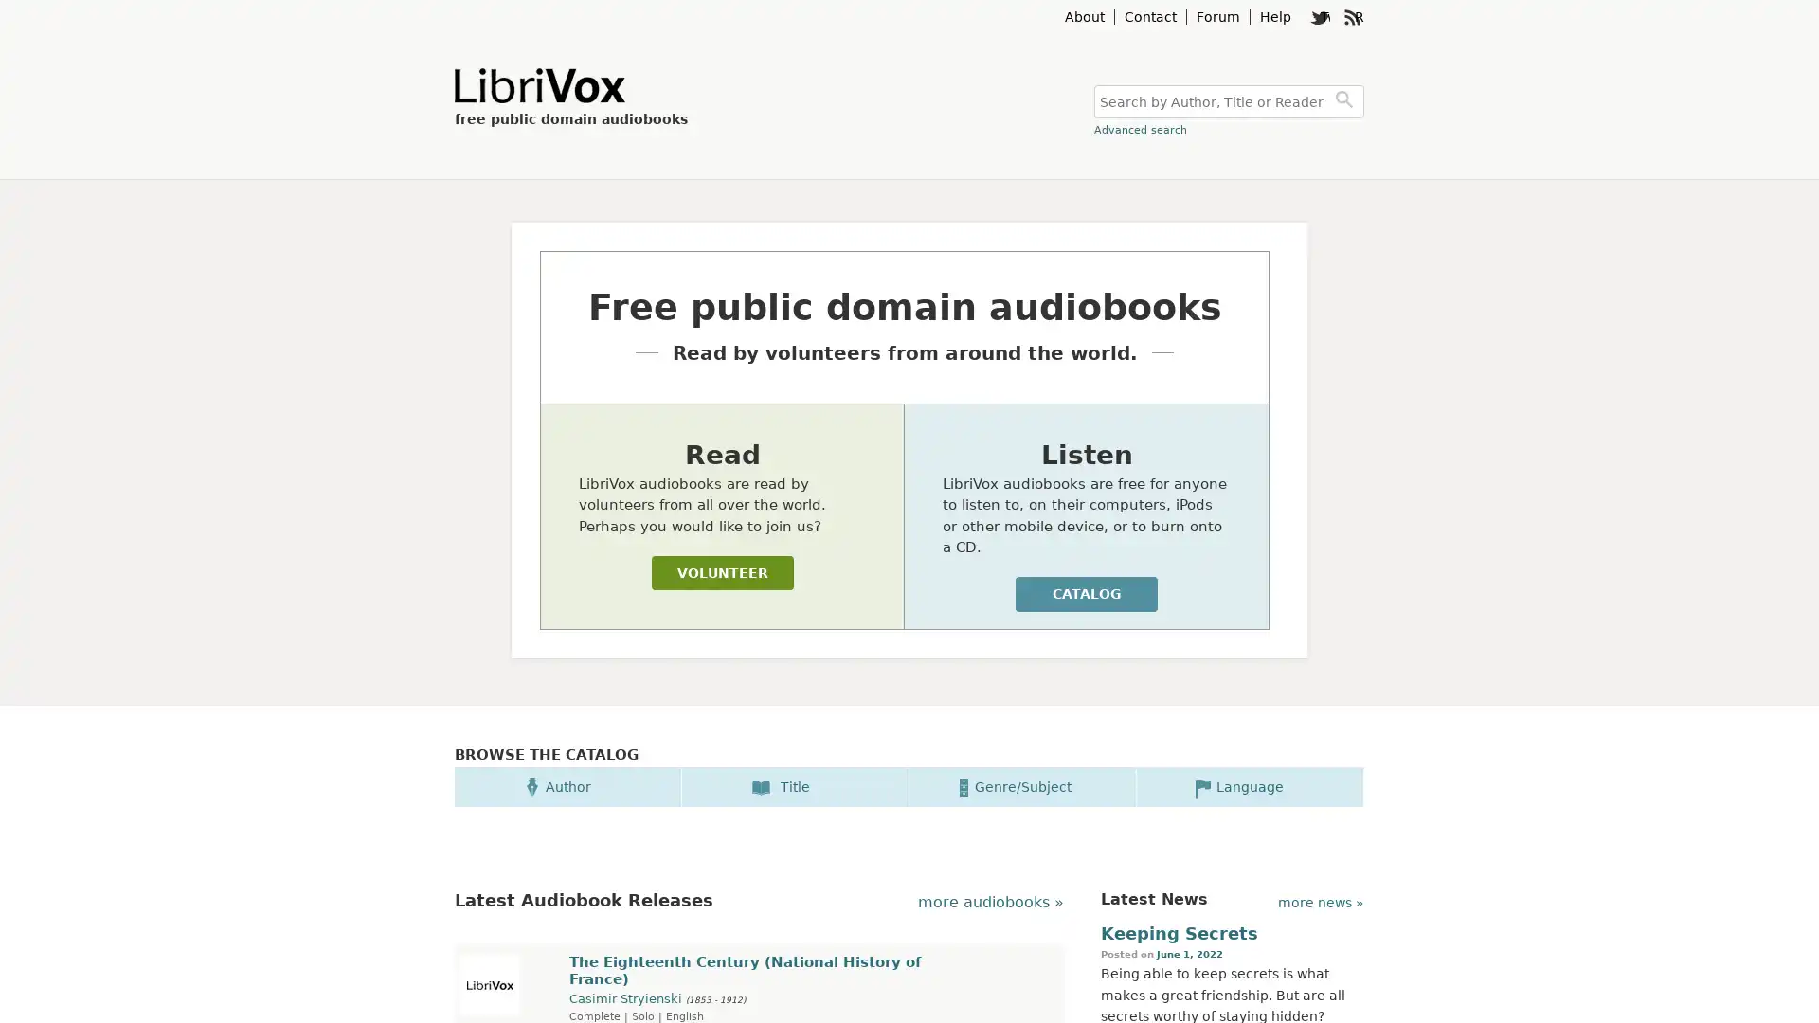 This screenshot has height=1023, width=1819. What do you see at coordinates (1346, 101) in the screenshot?
I see `Search` at bounding box center [1346, 101].